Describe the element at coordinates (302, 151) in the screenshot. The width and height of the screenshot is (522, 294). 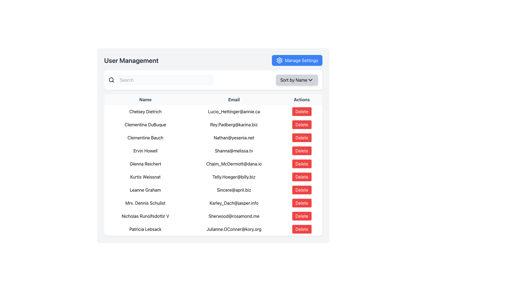
I see `the fourth 'Delete' button, which is a red button with white text` at that location.